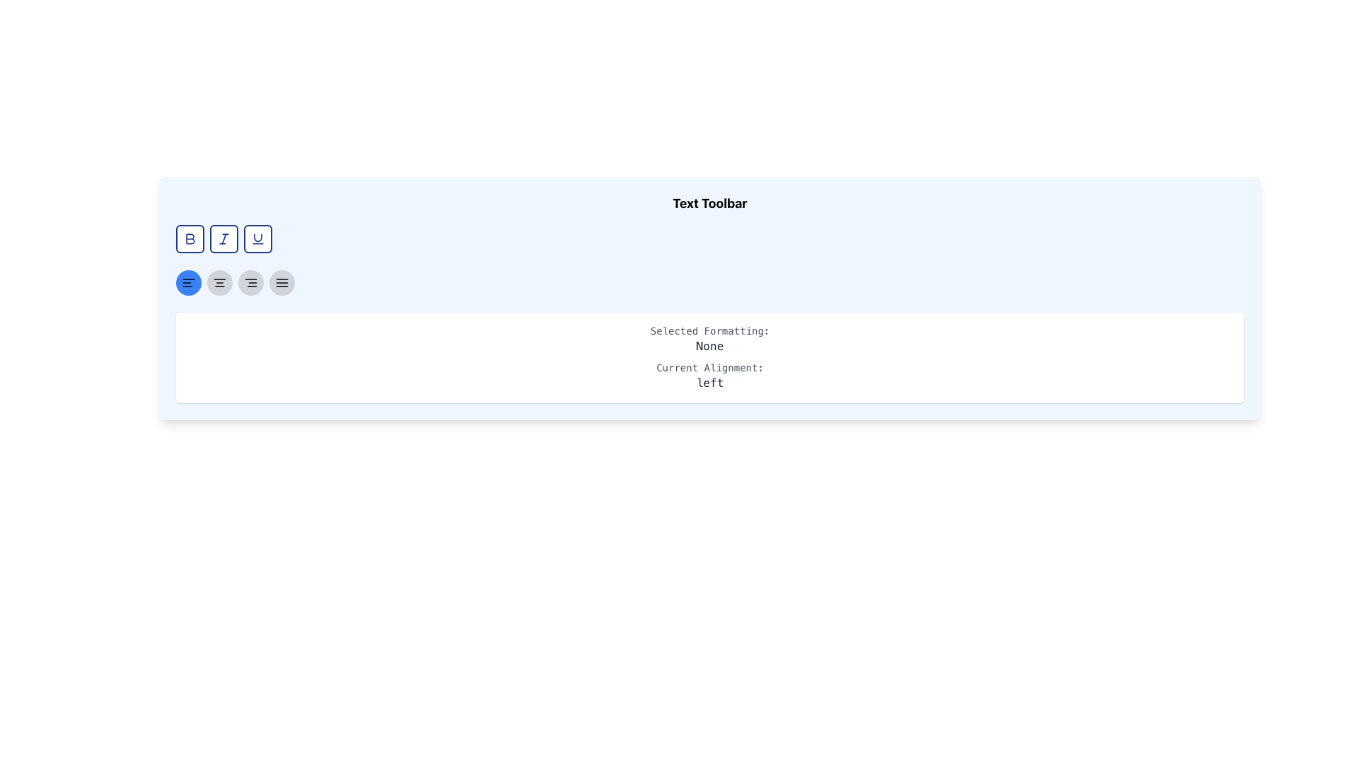  Describe the element at coordinates (188, 283) in the screenshot. I see `the first circular alignment button with a blue background and a left-align icon (three horizontal lines) located below the text styling buttons to align text to the left` at that location.